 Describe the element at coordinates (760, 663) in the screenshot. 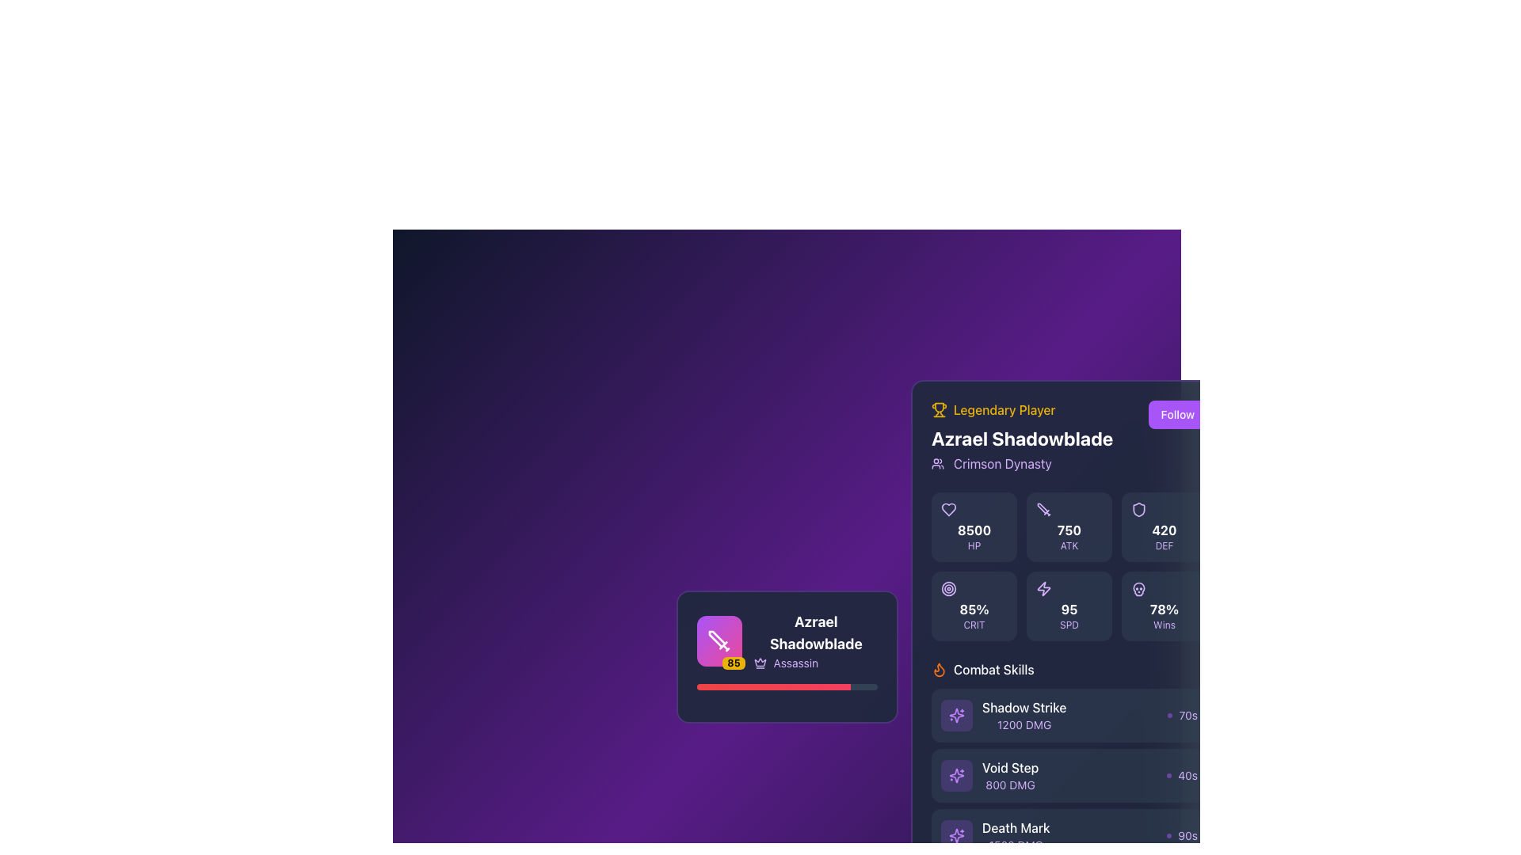

I see `the 'Assassin' role icon, which is visually aligned to the left of the text 'Assassin' and indicates the status associated with this role` at that location.